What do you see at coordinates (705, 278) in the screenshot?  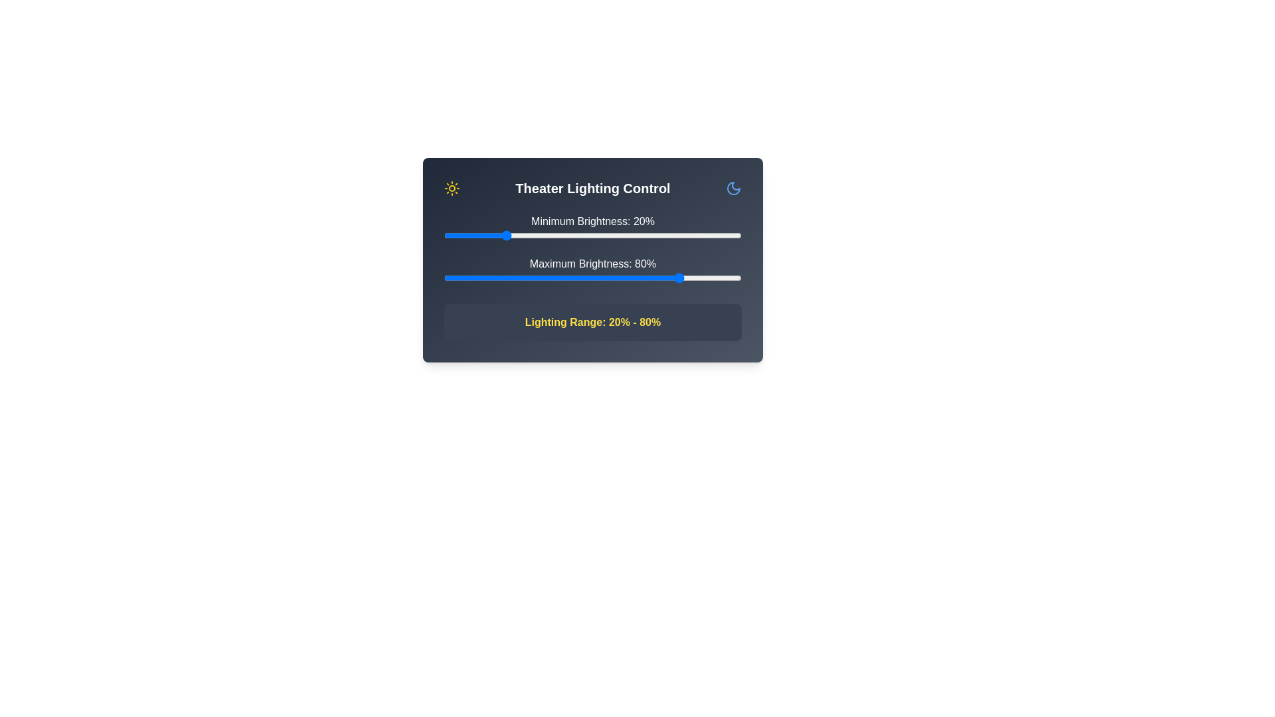 I see `the maximum brightness slider to 88%` at bounding box center [705, 278].